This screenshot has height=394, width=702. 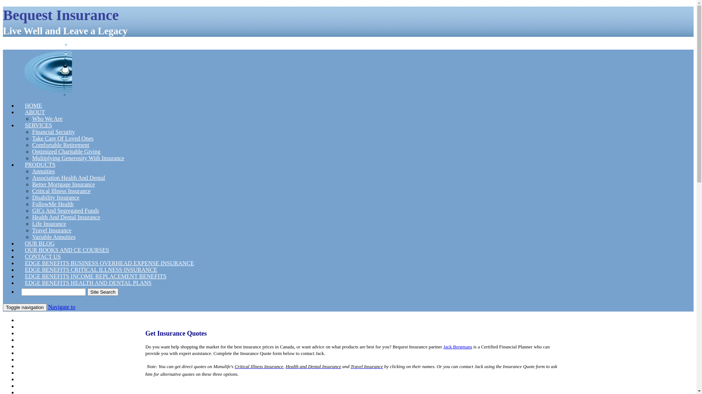 I want to click on 'Site Search', so click(x=102, y=291).